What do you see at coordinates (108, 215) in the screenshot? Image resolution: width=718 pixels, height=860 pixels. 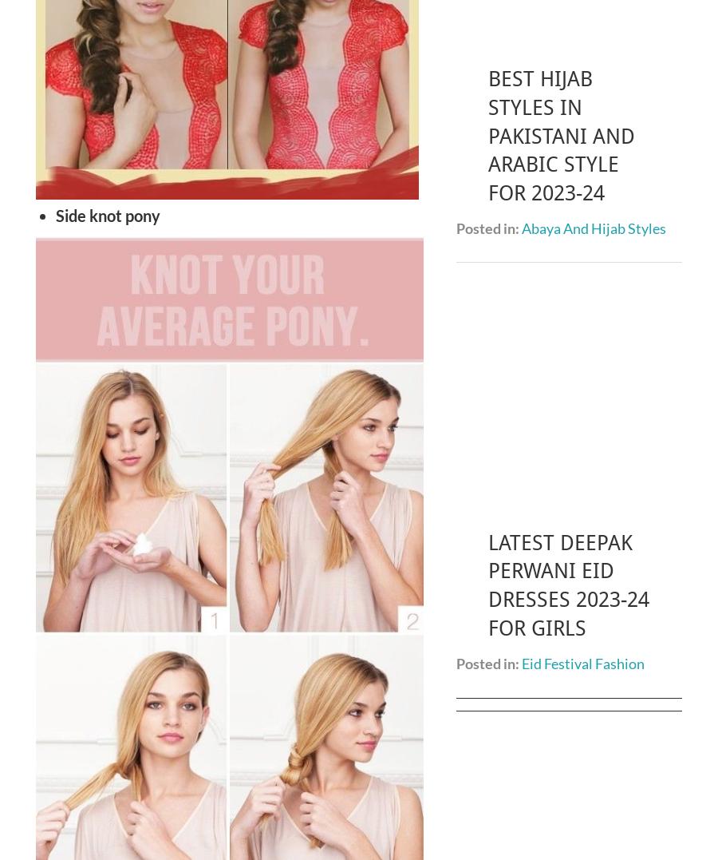 I see `'Side knot pony'` at bounding box center [108, 215].